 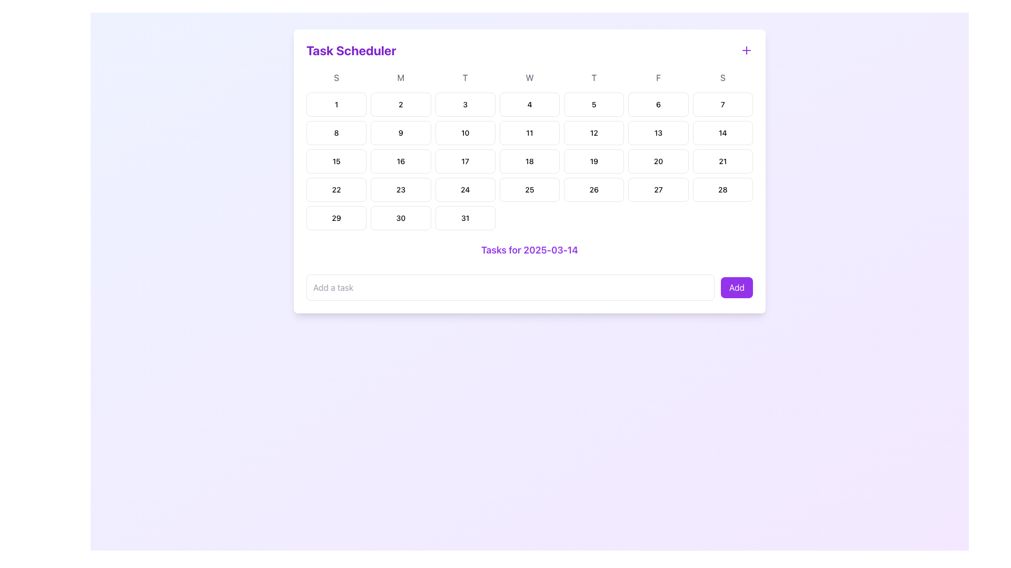 I want to click on the button representing the 11th day in the calendar view, so click(x=530, y=133).